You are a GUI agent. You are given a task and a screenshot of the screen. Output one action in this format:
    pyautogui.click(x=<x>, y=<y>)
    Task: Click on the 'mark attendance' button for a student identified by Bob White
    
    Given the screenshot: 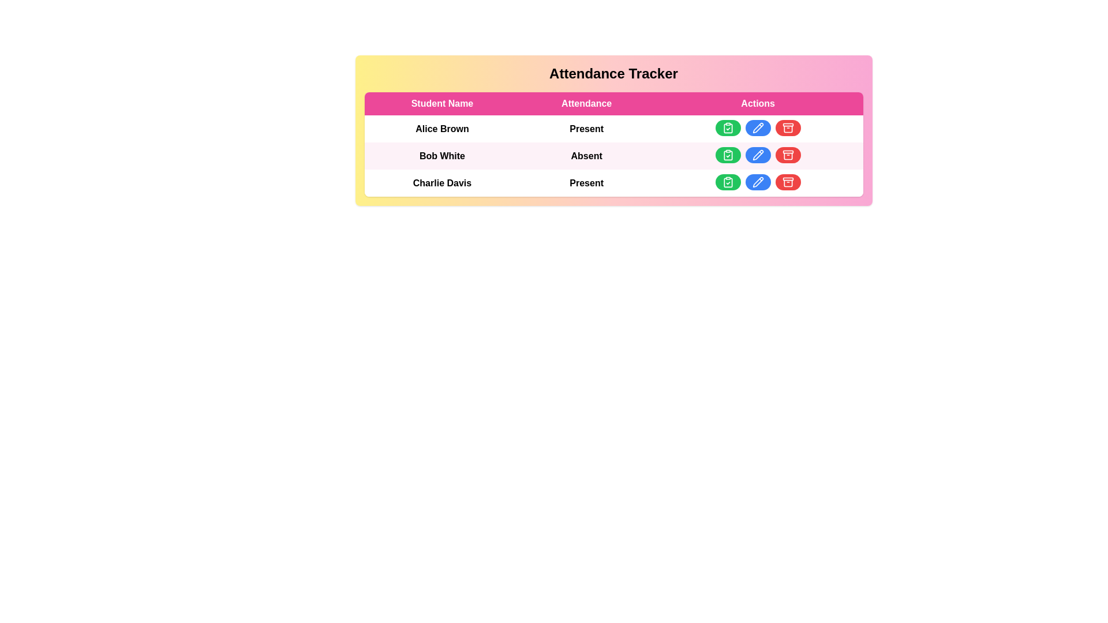 What is the action you would take?
    pyautogui.click(x=727, y=155)
    